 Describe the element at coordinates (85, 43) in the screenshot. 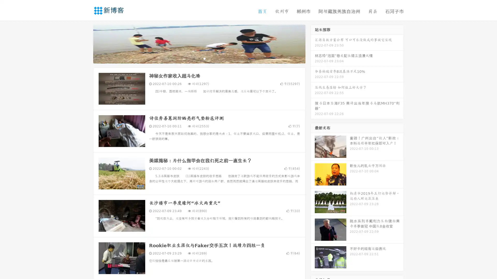

I see `Previous slide` at that location.